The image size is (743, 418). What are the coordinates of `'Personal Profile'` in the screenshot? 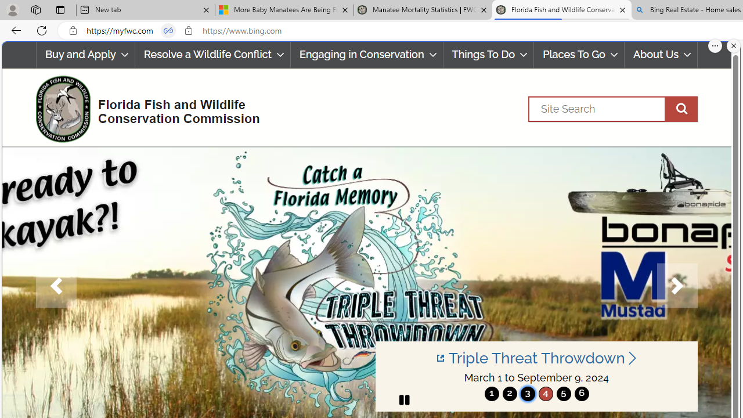 It's located at (12, 9).